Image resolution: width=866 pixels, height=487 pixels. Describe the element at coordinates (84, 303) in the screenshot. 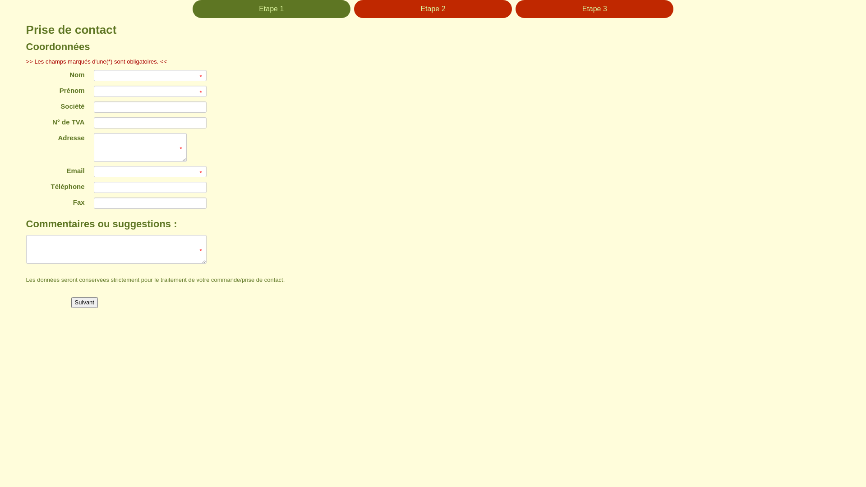

I see `'Suivant'` at that location.